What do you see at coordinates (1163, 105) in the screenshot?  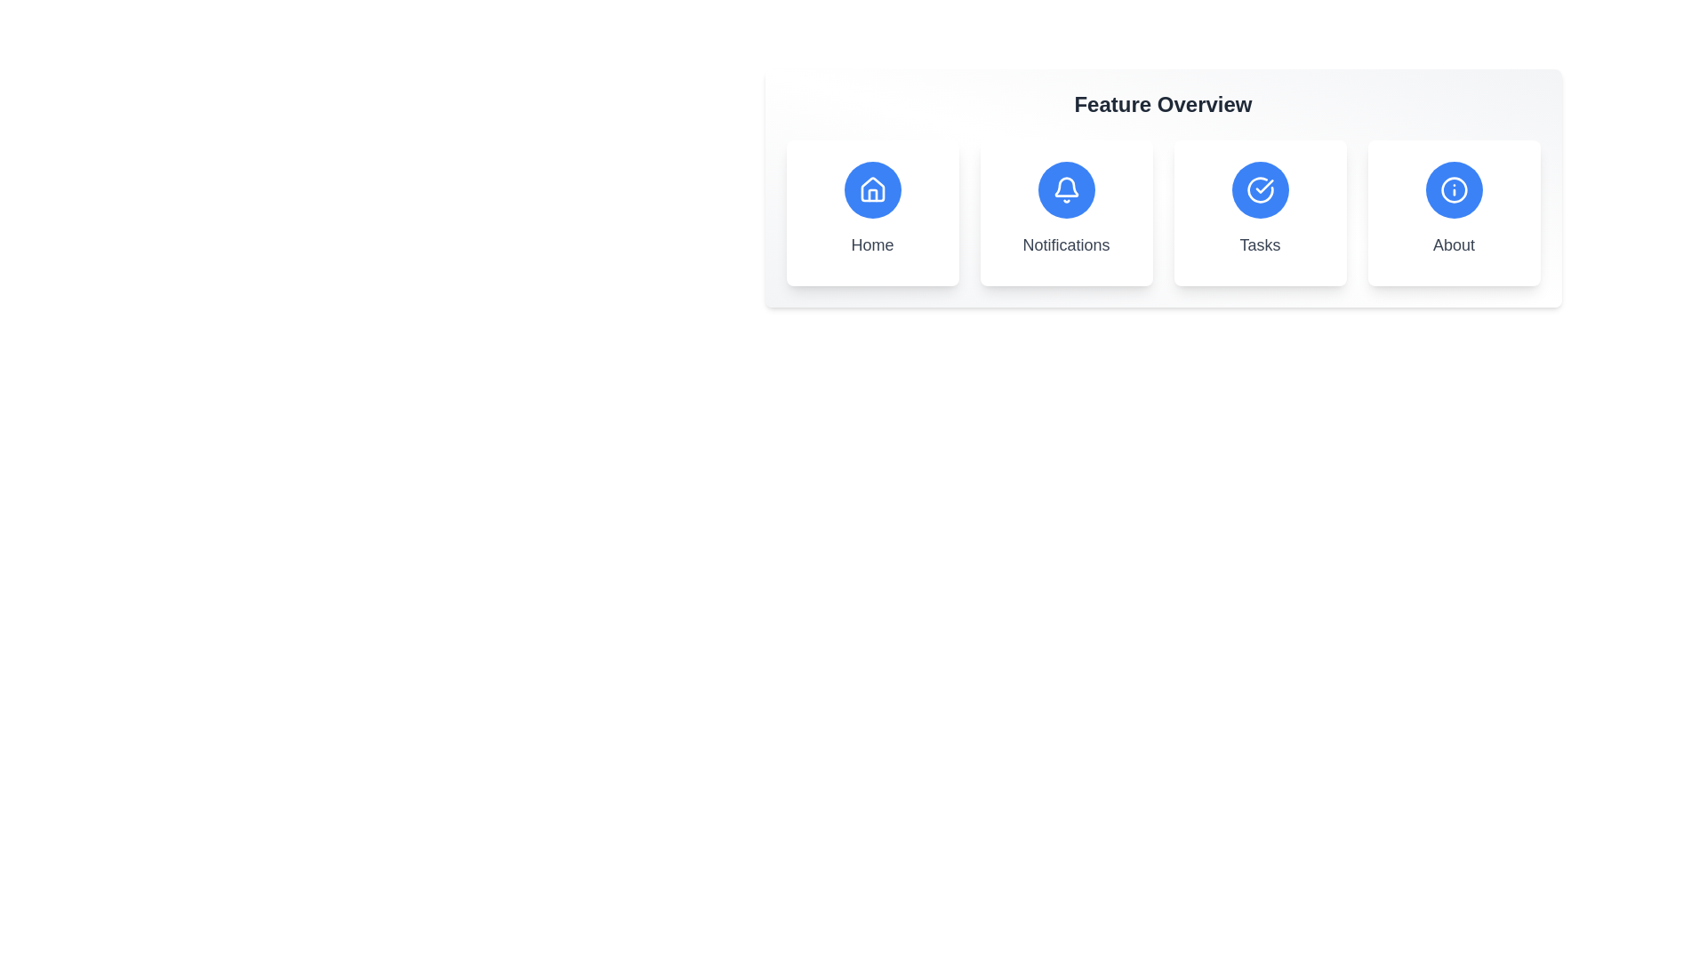 I see `the static text label that serves as the title for the section above the interactive tiles labeled 'Home', 'Notifications', 'Tasks', and 'About'` at bounding box center [1163, 105].